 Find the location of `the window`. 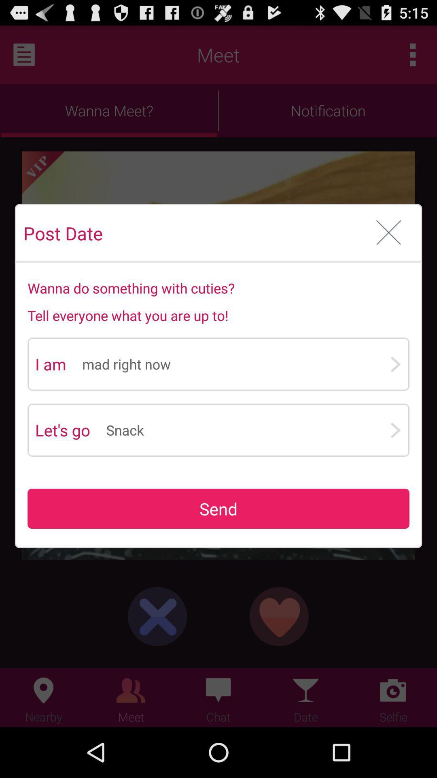

the window is located at coordinates (388, 233).